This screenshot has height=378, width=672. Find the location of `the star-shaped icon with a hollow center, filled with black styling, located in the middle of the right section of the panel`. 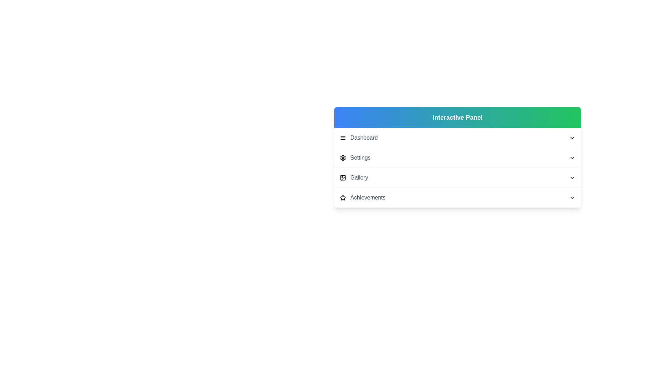

the star-shaped icon with a hollow center, filled with black styling, located in the middle of the right section of the panel is located at coordinates (343, 197).